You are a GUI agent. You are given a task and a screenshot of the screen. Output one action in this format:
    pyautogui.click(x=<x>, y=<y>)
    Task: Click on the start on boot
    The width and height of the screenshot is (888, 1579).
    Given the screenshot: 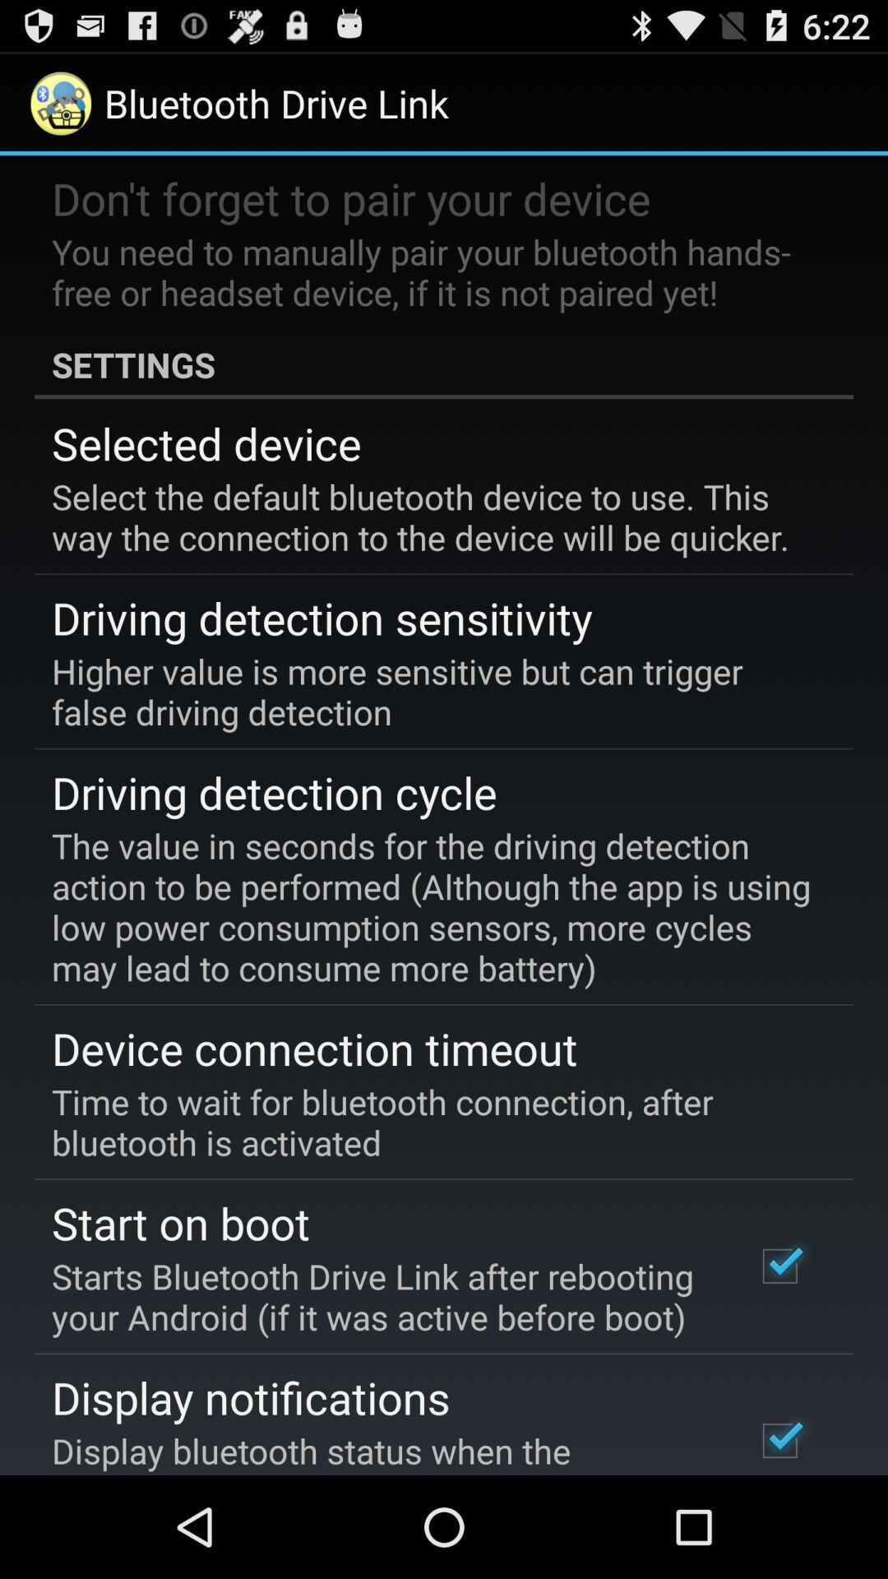 What is the action you would take?
    pyautogui.click(x=181, y=1222)
    